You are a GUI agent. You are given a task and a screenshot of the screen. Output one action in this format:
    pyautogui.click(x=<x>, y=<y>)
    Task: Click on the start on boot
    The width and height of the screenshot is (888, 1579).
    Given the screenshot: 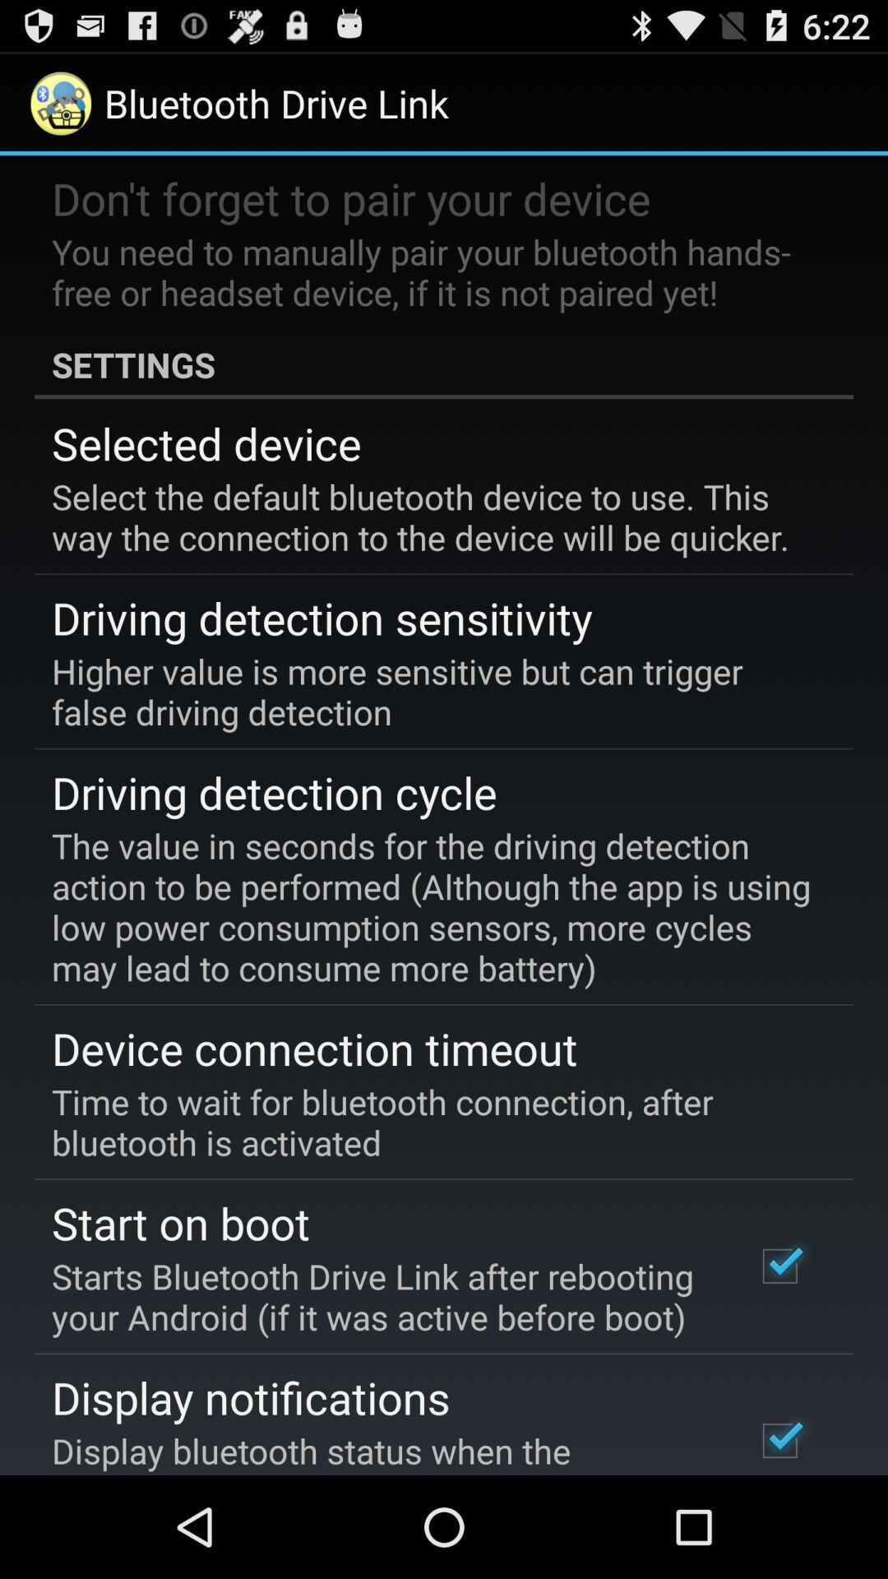 What is the action you would take?
    pyautogui.click(x=181, y=1222)
    